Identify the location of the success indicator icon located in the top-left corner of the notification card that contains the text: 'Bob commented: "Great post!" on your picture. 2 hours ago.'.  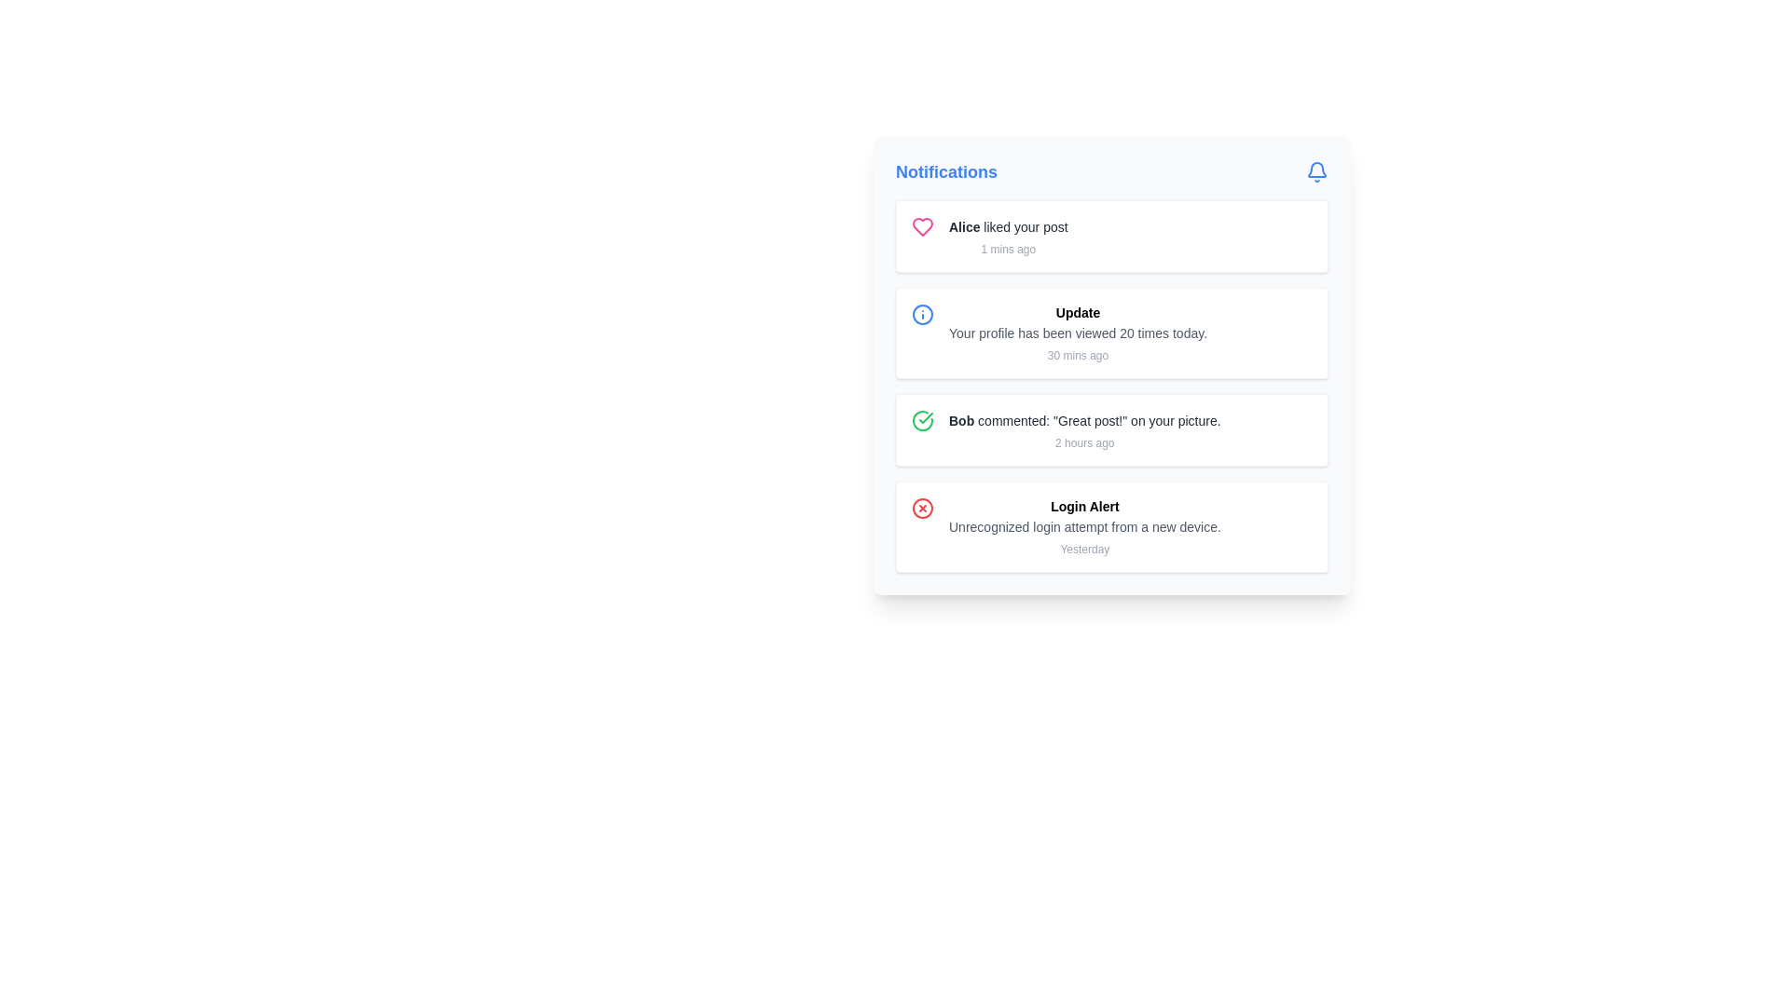
(922, 420).